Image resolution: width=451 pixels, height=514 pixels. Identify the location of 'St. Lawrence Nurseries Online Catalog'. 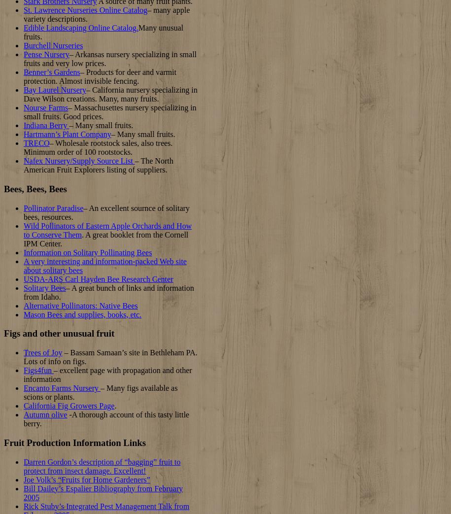
(85, 9).